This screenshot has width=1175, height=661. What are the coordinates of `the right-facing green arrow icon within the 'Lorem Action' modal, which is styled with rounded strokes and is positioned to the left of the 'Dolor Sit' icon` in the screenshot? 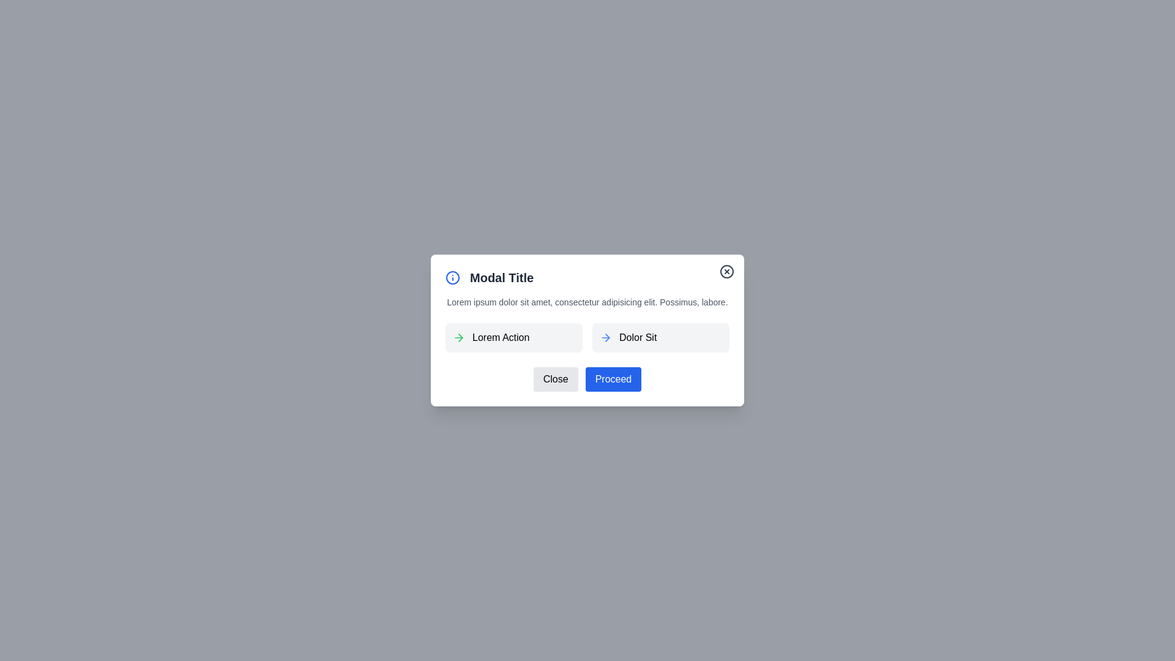 It's located at (458, 337).